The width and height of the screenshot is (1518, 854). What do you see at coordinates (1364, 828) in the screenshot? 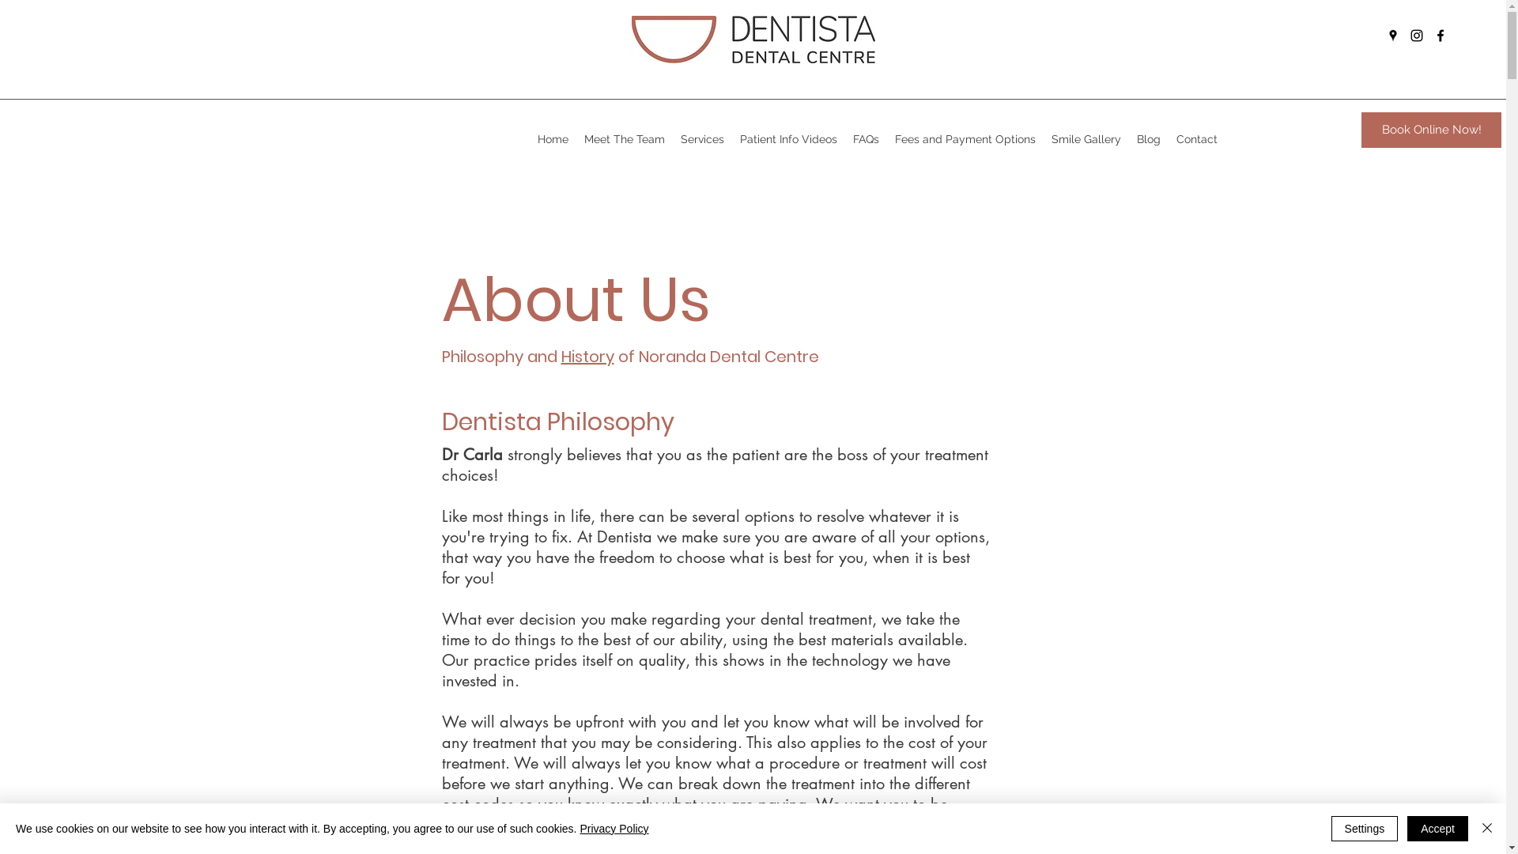
I see `'Settings'` at bounding box center [1364, 828].